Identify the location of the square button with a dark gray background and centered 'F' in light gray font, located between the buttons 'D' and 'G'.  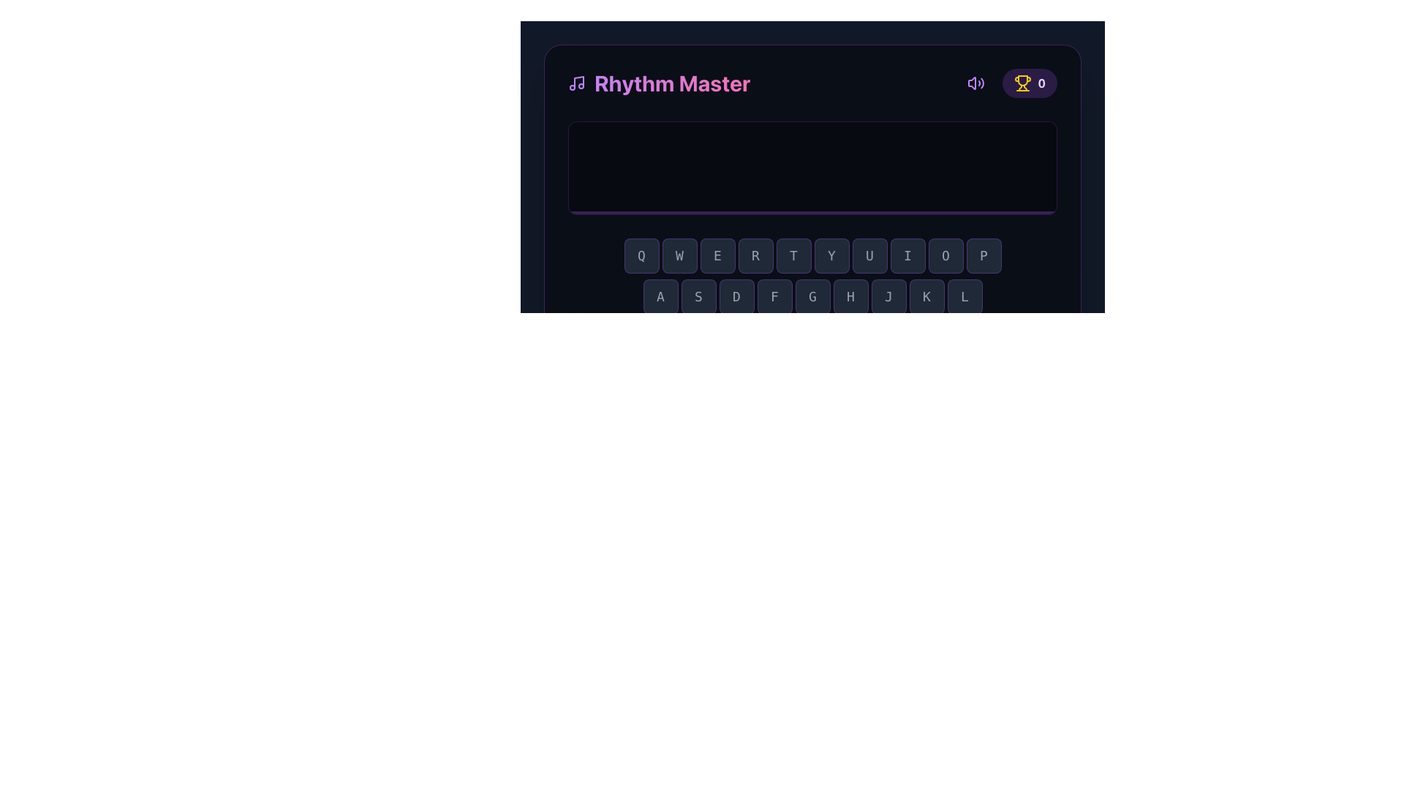
(774, 296).